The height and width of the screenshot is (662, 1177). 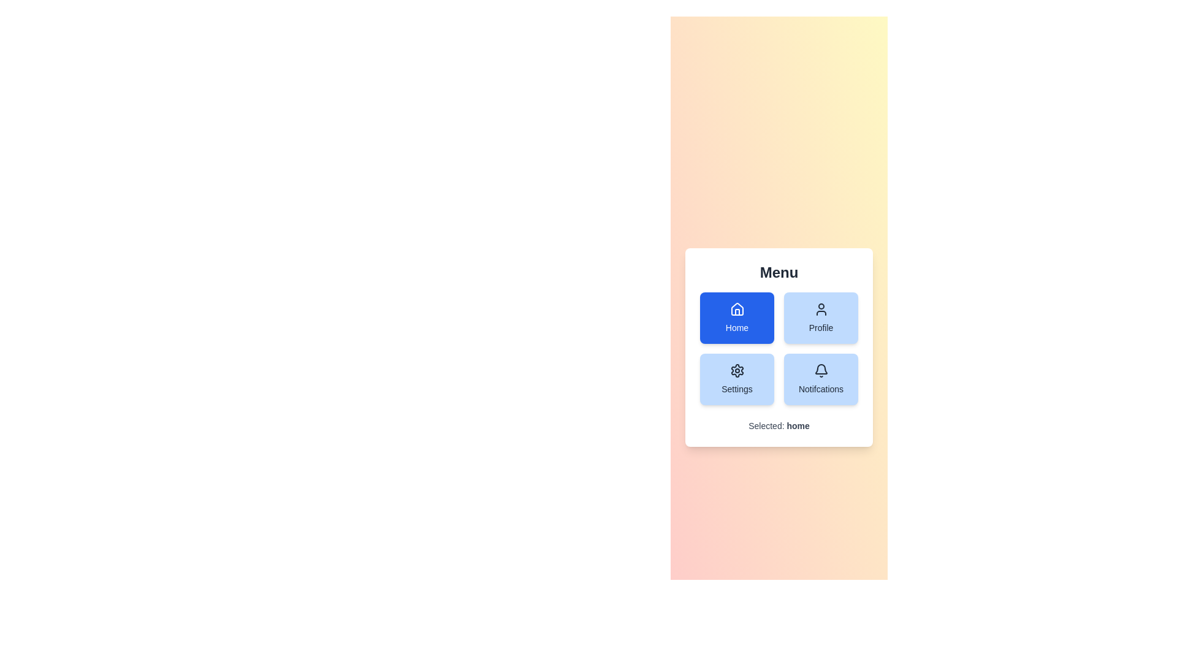 I want to click on the button labeled Settings to observe visual feedback, so click(x=736, y=378).